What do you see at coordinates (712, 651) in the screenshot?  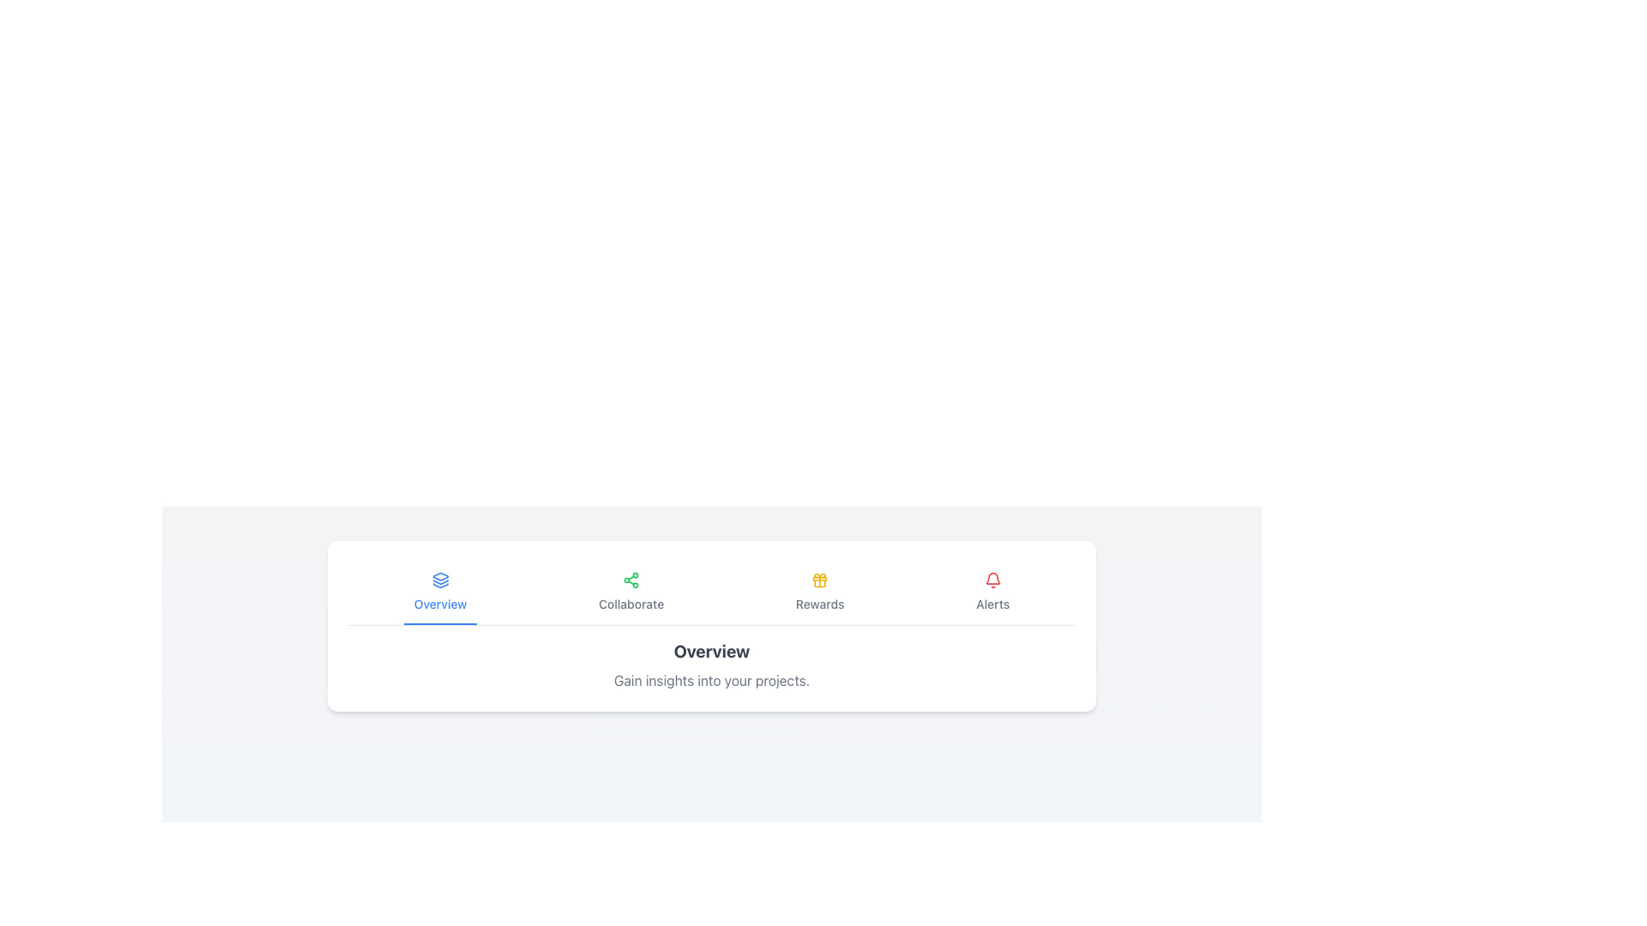 I see `the text element that reads 'Overview', which is styled in bold, large gray font and is located at the center of the interface, directly above the text 'Gain insights into your projects.'` at bounding box center [712, 651].